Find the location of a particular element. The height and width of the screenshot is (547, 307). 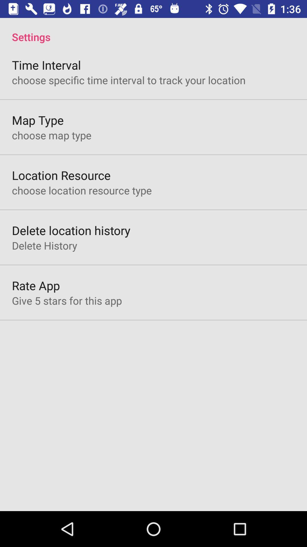

the item above time interval app is located at coordinates (153, 30).